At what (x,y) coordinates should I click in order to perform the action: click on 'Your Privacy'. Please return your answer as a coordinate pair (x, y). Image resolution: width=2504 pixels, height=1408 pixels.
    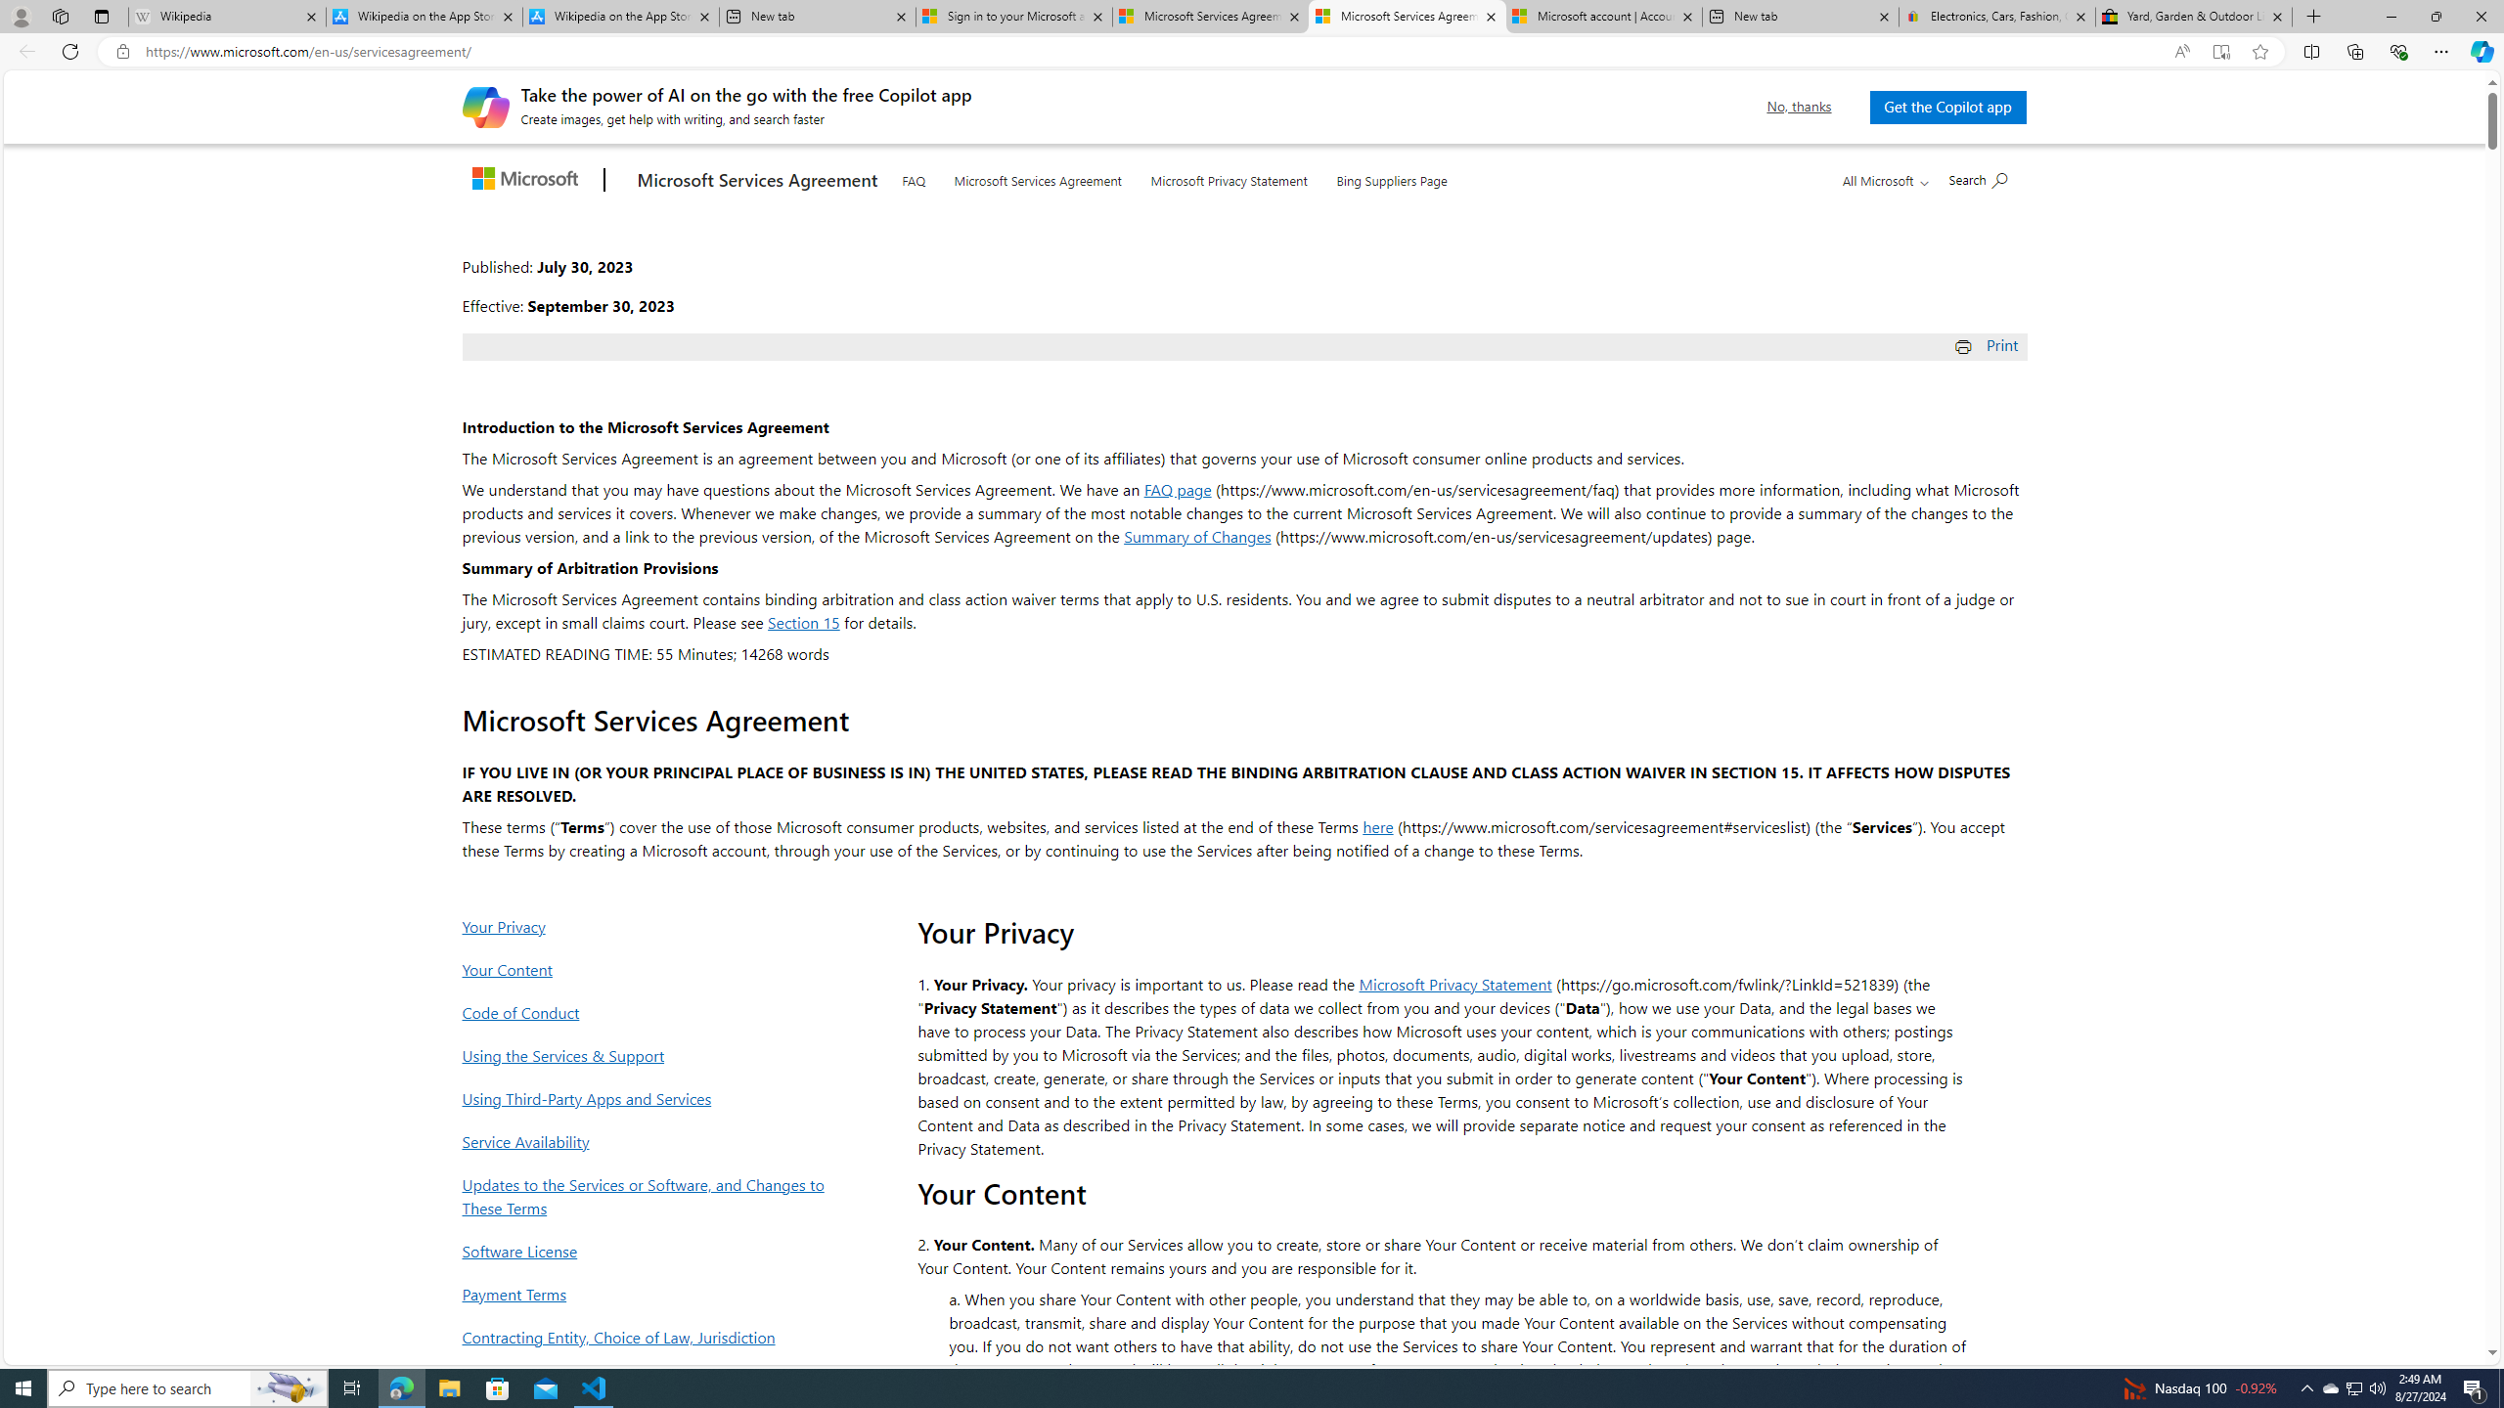
    Looking at the image, I should click on (648, 925).